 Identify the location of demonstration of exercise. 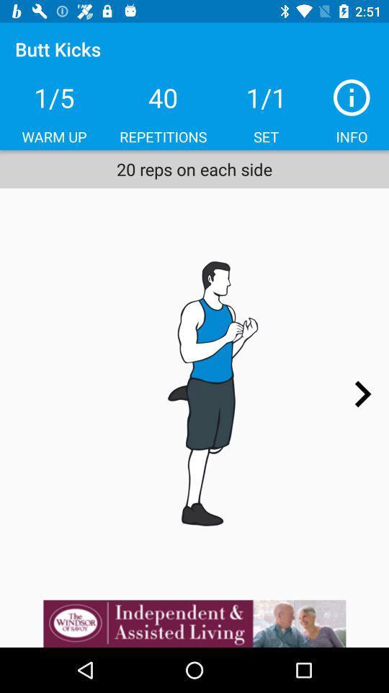
(194, 393).